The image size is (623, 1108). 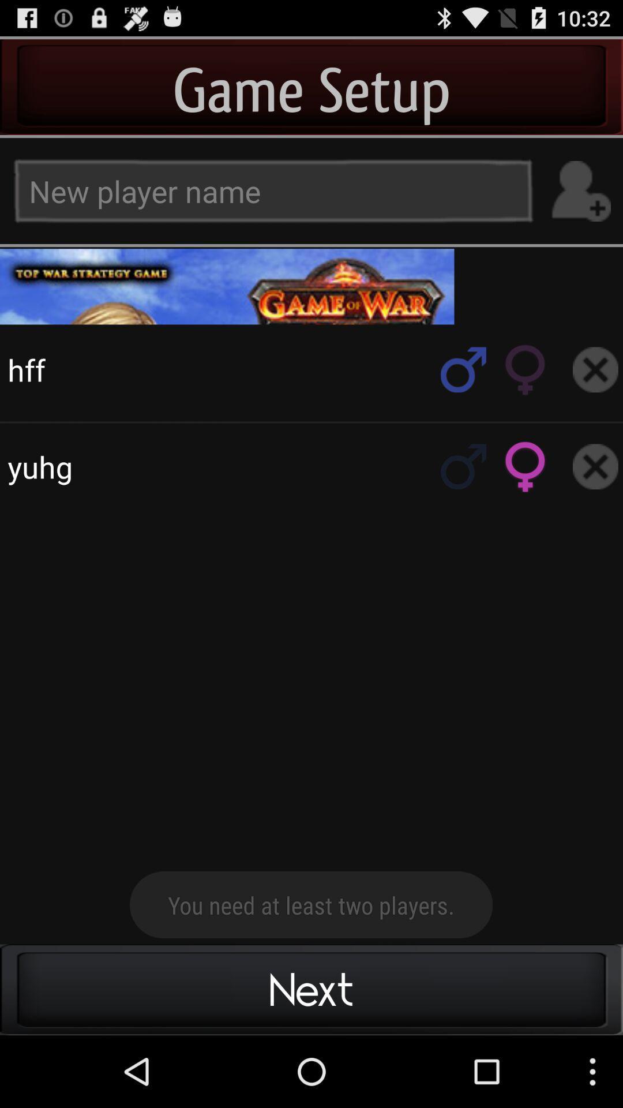 What do you see at coordinates (526, 369) in the screenshot?
I see `gender` at bounding box center [526, 369].